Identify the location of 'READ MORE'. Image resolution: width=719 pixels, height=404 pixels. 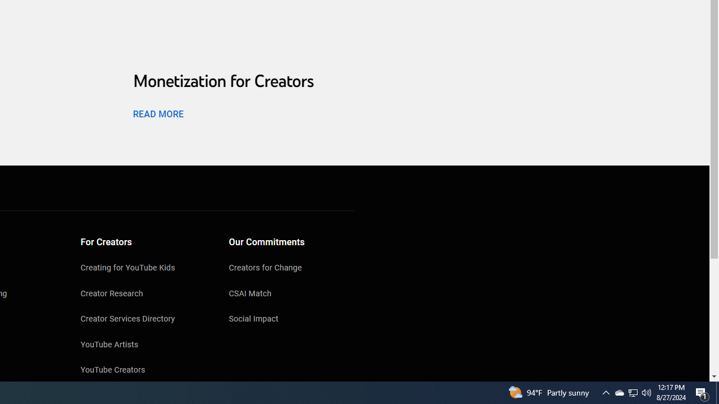
(157, 114).